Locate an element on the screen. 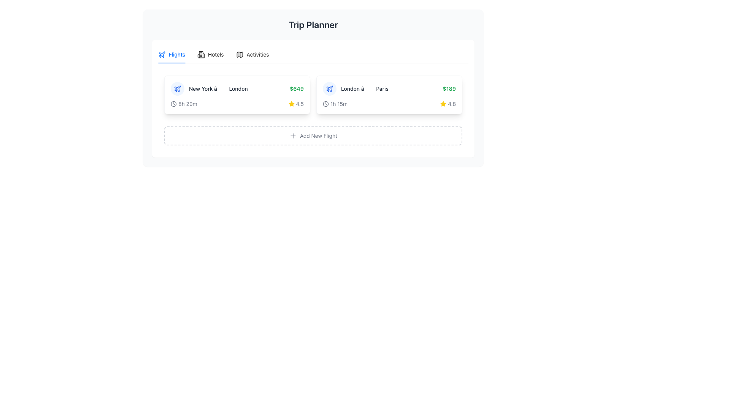 The width and height of the screenshot is (730, 410). the rating display element located in the second flight section of the flight details card, positioned to the right of the duration text ('1h 15m') is located at coordinates (448, 104).